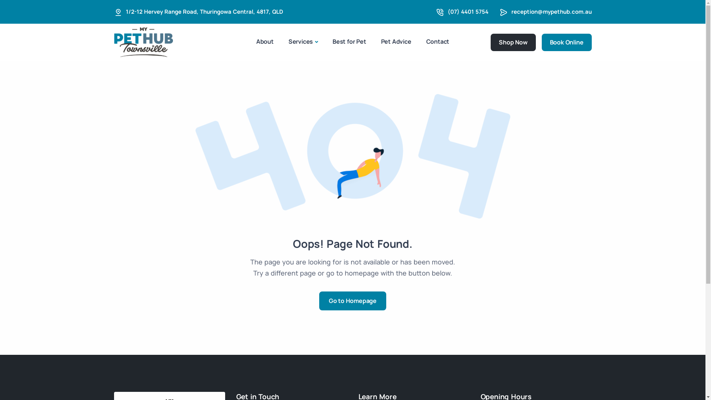  Describe the element at coordinates (467, 11) in the screenshot. I see `'(07) 4401 5754'` at that location.